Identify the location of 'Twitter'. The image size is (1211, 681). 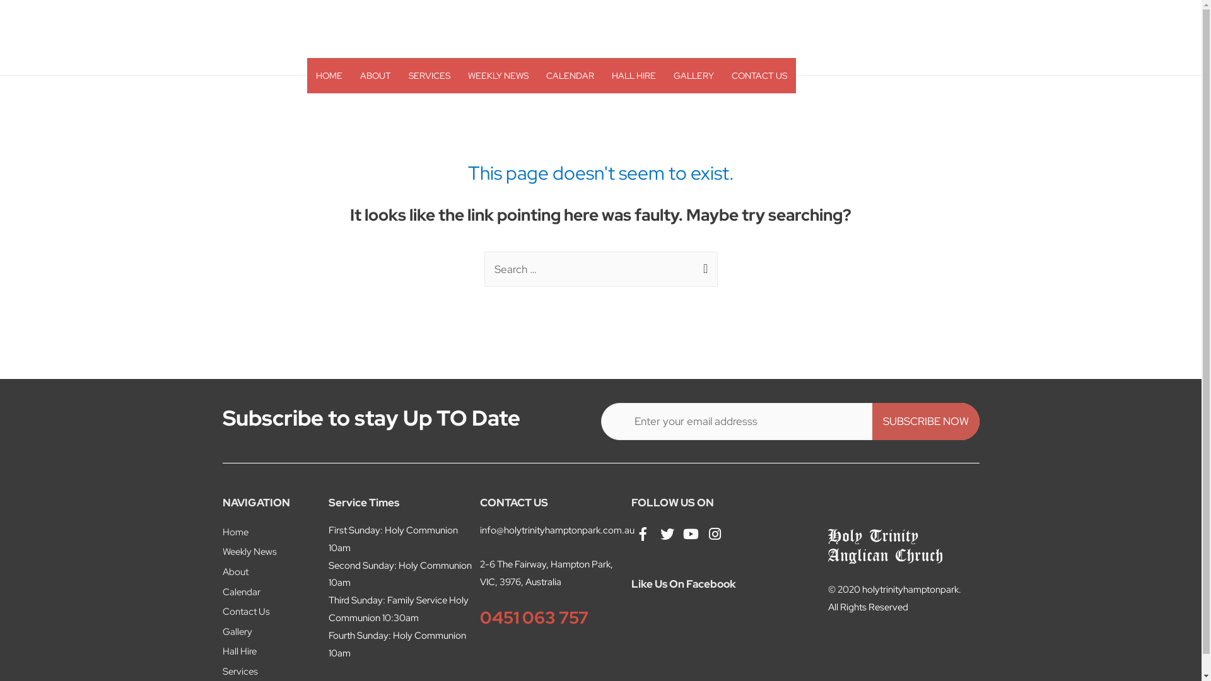
(665, 534).